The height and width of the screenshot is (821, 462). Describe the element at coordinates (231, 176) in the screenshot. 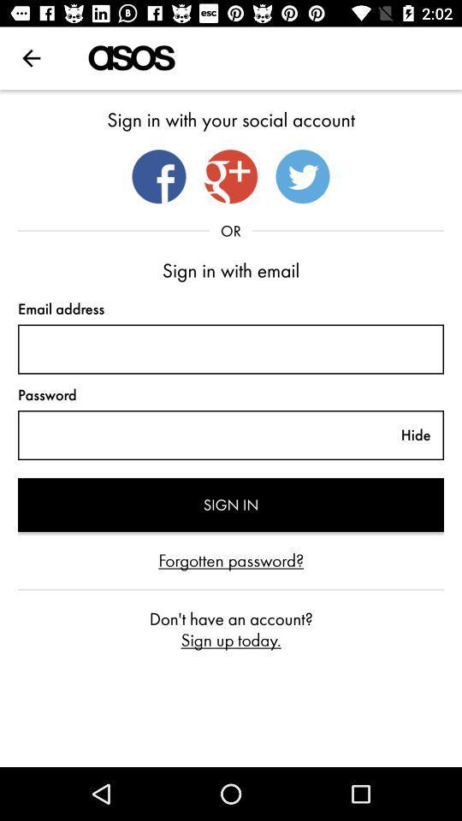

I see `sign in with google plus account` at that location.